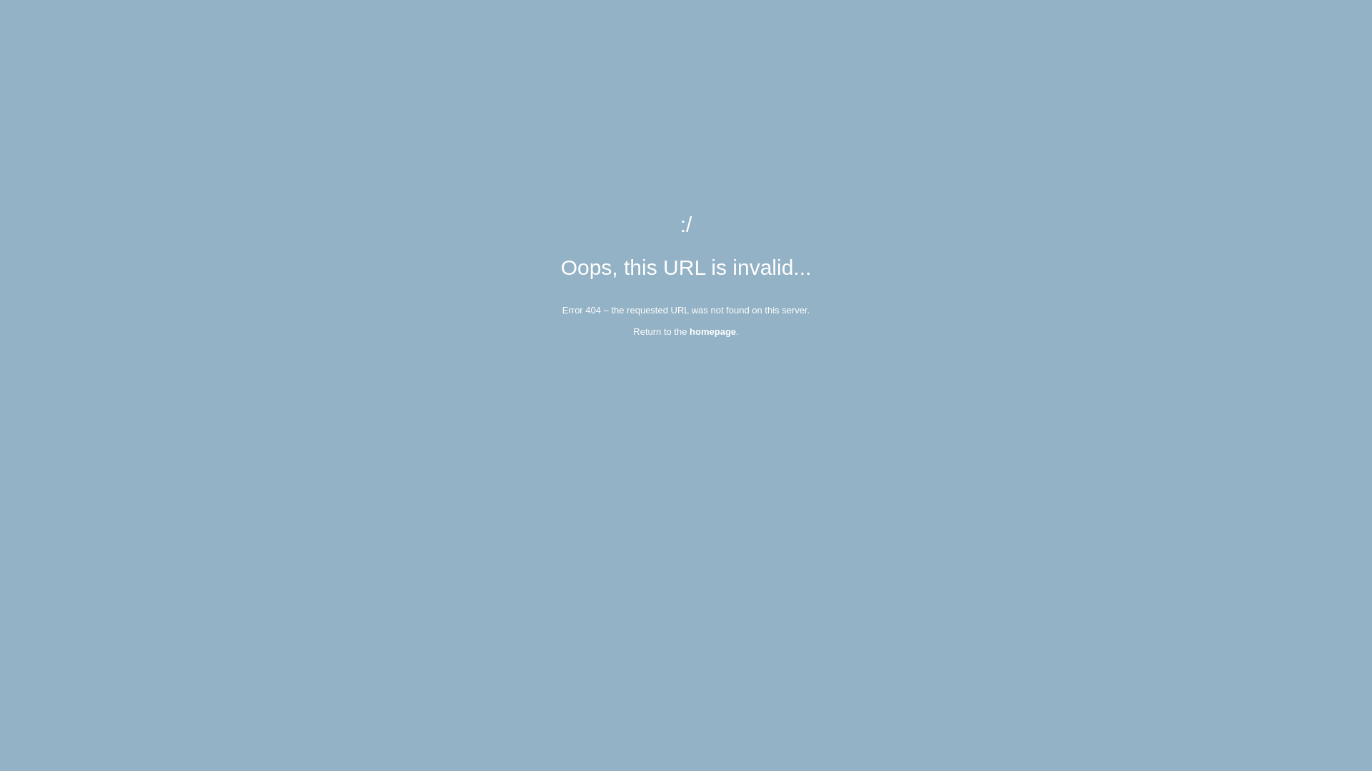  I want to click on 'homepage', so click(689, 331).